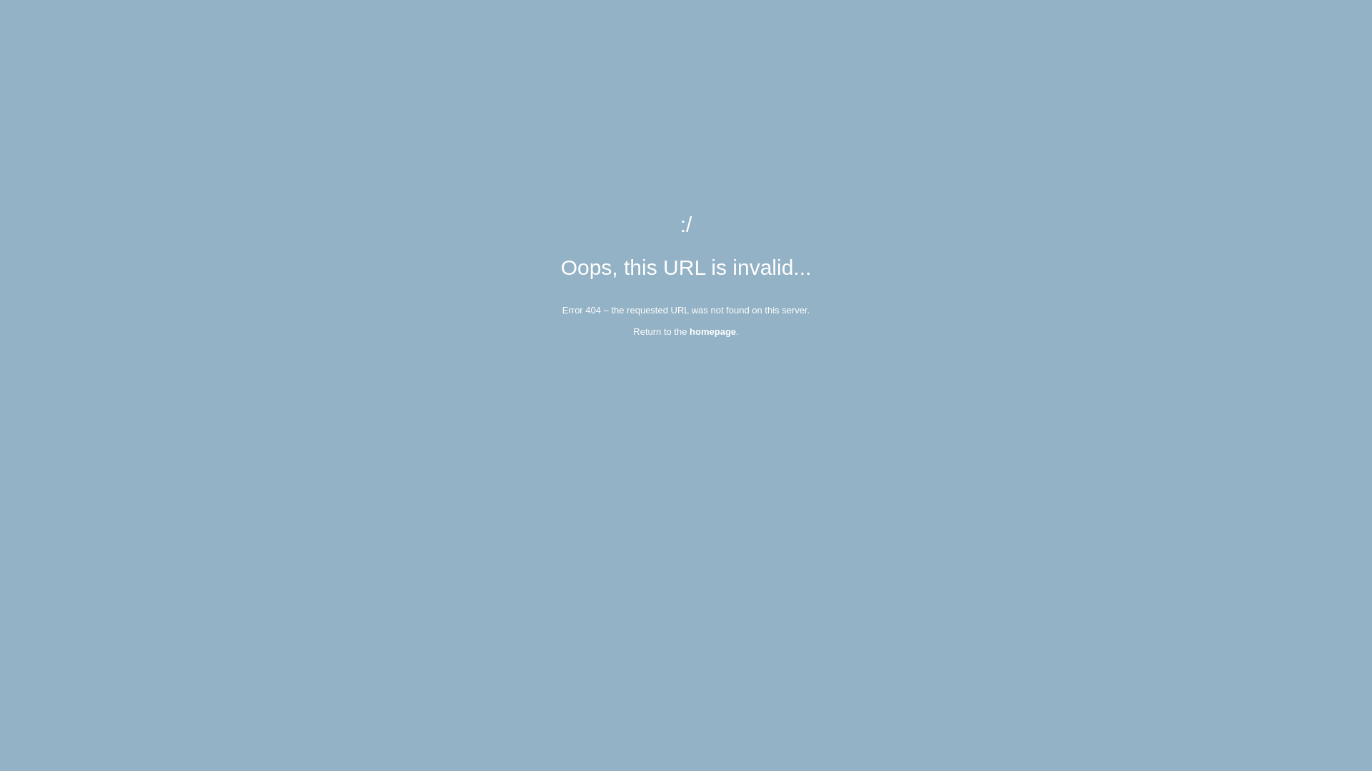  I want to click on 'homepage', so click(689, 331).